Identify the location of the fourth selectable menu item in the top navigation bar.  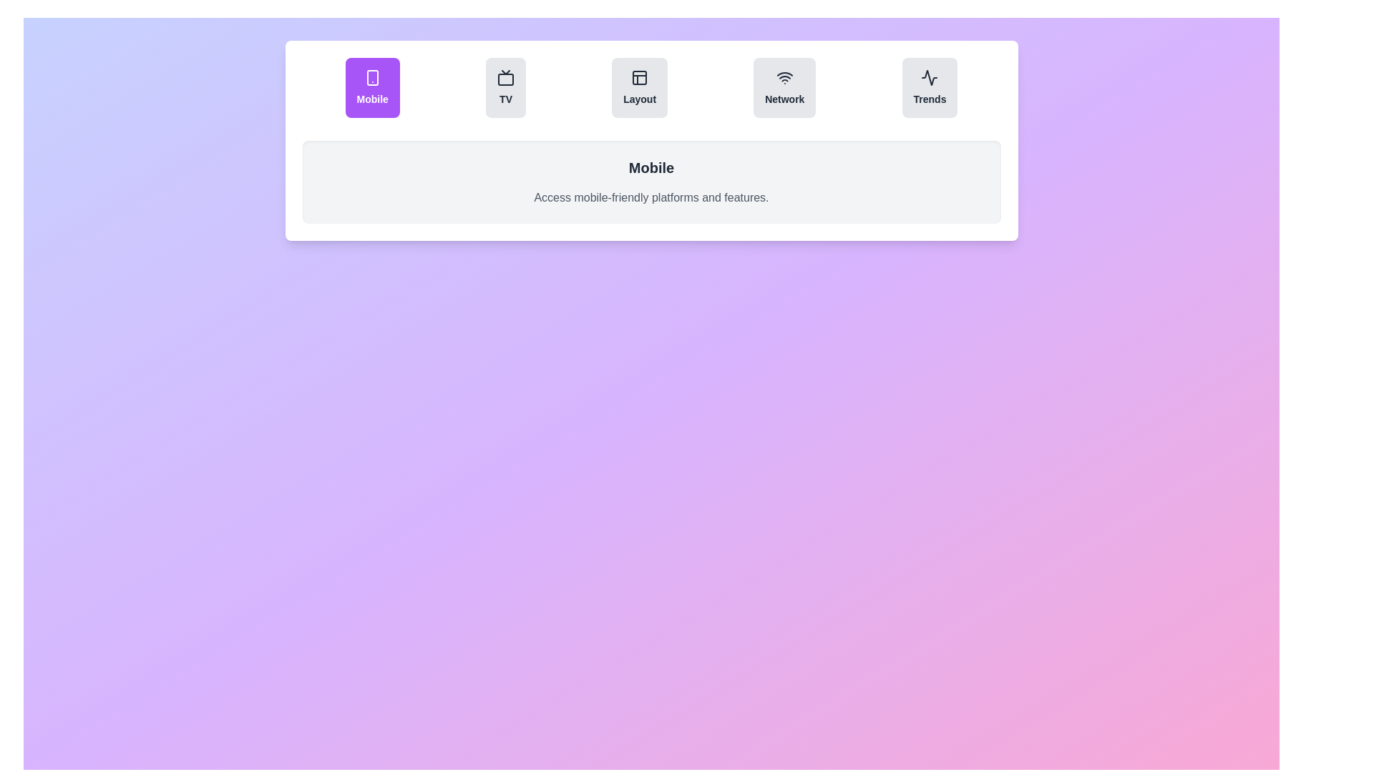
(784, 98).